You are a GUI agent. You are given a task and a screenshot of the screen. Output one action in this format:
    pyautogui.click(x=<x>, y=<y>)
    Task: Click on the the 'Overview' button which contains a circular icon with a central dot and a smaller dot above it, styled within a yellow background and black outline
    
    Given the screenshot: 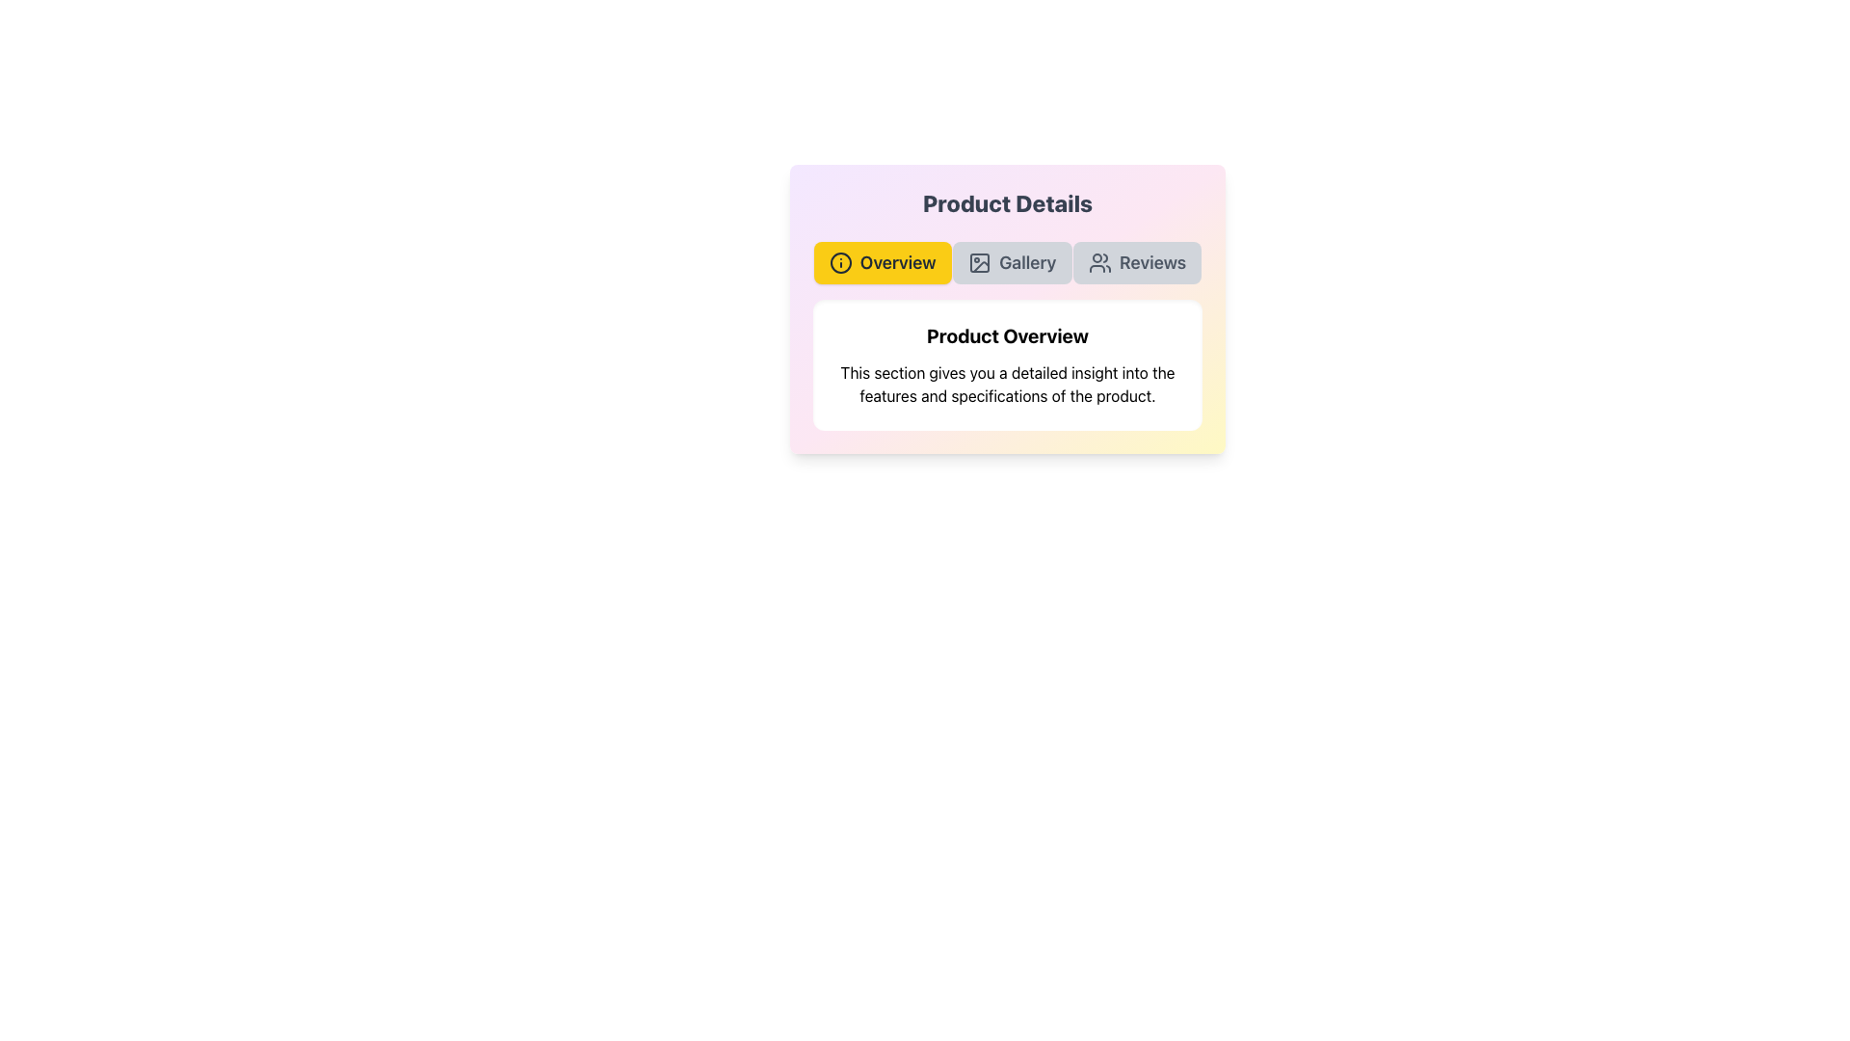 What is the action you would take?
    pyautogui.click(x=840, y=263)
    